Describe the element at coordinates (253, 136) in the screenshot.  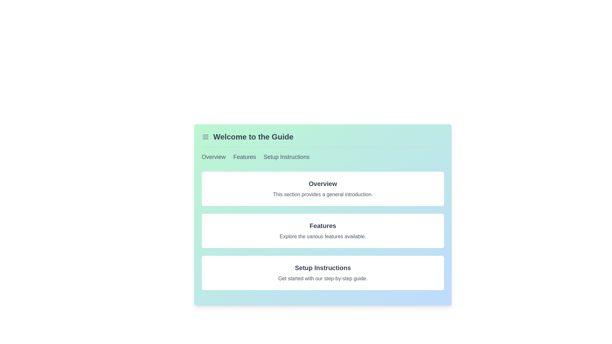
I see `the text header 'Welcome to the Guide', which is styled in a large, bold font and centrally aligned at the top section of the interface` at that location.